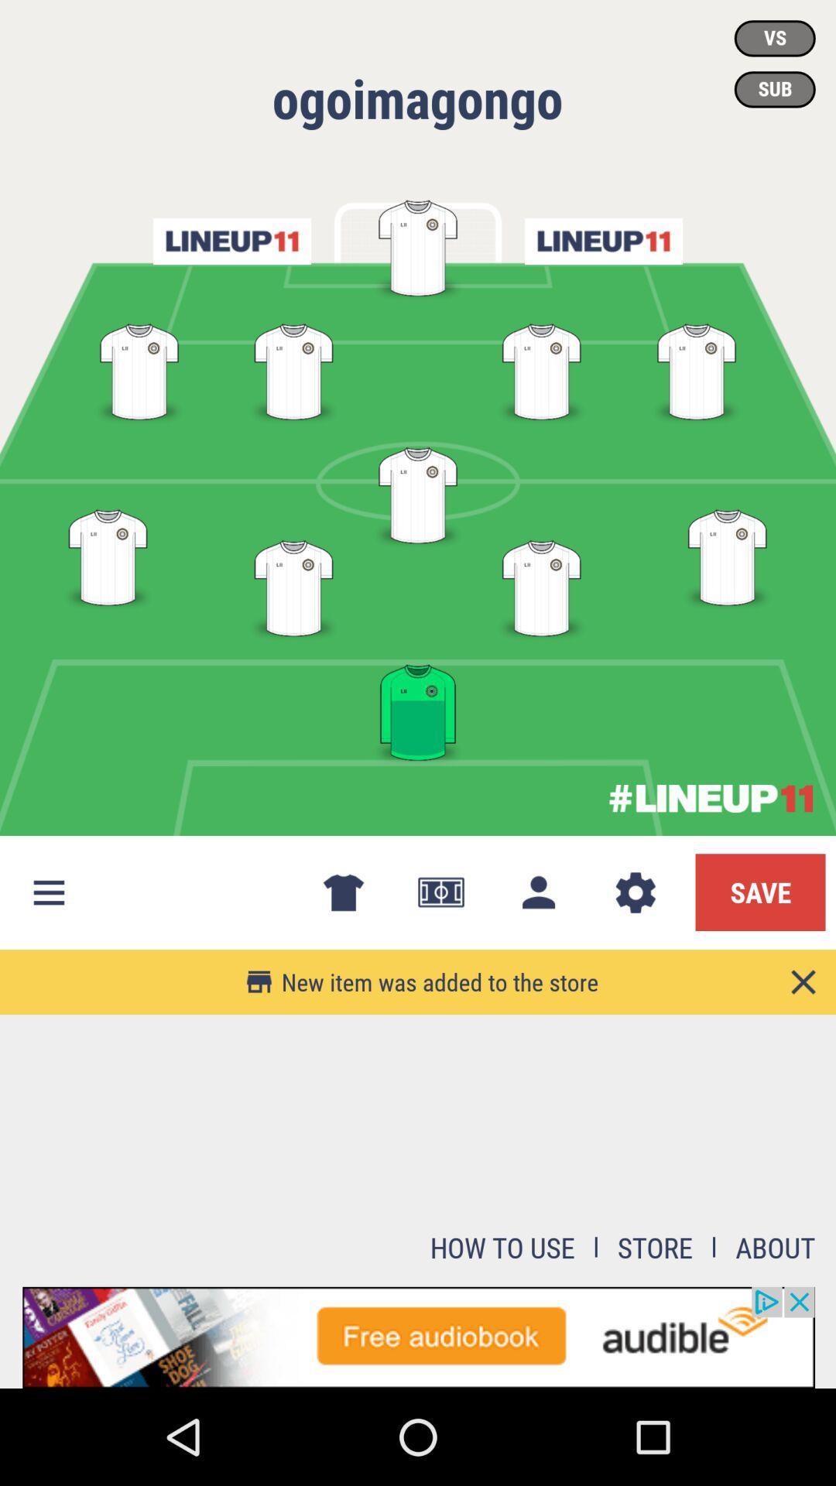 Image resolution: width=836 pixels, height=1486 pixels. What do you see at coordinates (636, 892) in the screenshot?
I see `the settings icon` at bounding box center [636, 892].